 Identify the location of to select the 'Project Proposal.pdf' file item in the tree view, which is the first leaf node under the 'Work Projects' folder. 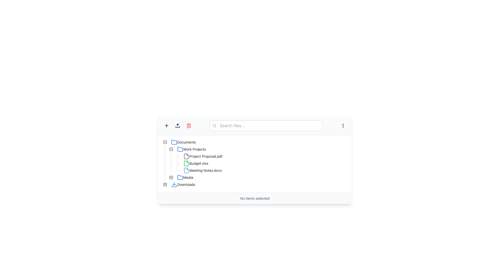
(193, 156).